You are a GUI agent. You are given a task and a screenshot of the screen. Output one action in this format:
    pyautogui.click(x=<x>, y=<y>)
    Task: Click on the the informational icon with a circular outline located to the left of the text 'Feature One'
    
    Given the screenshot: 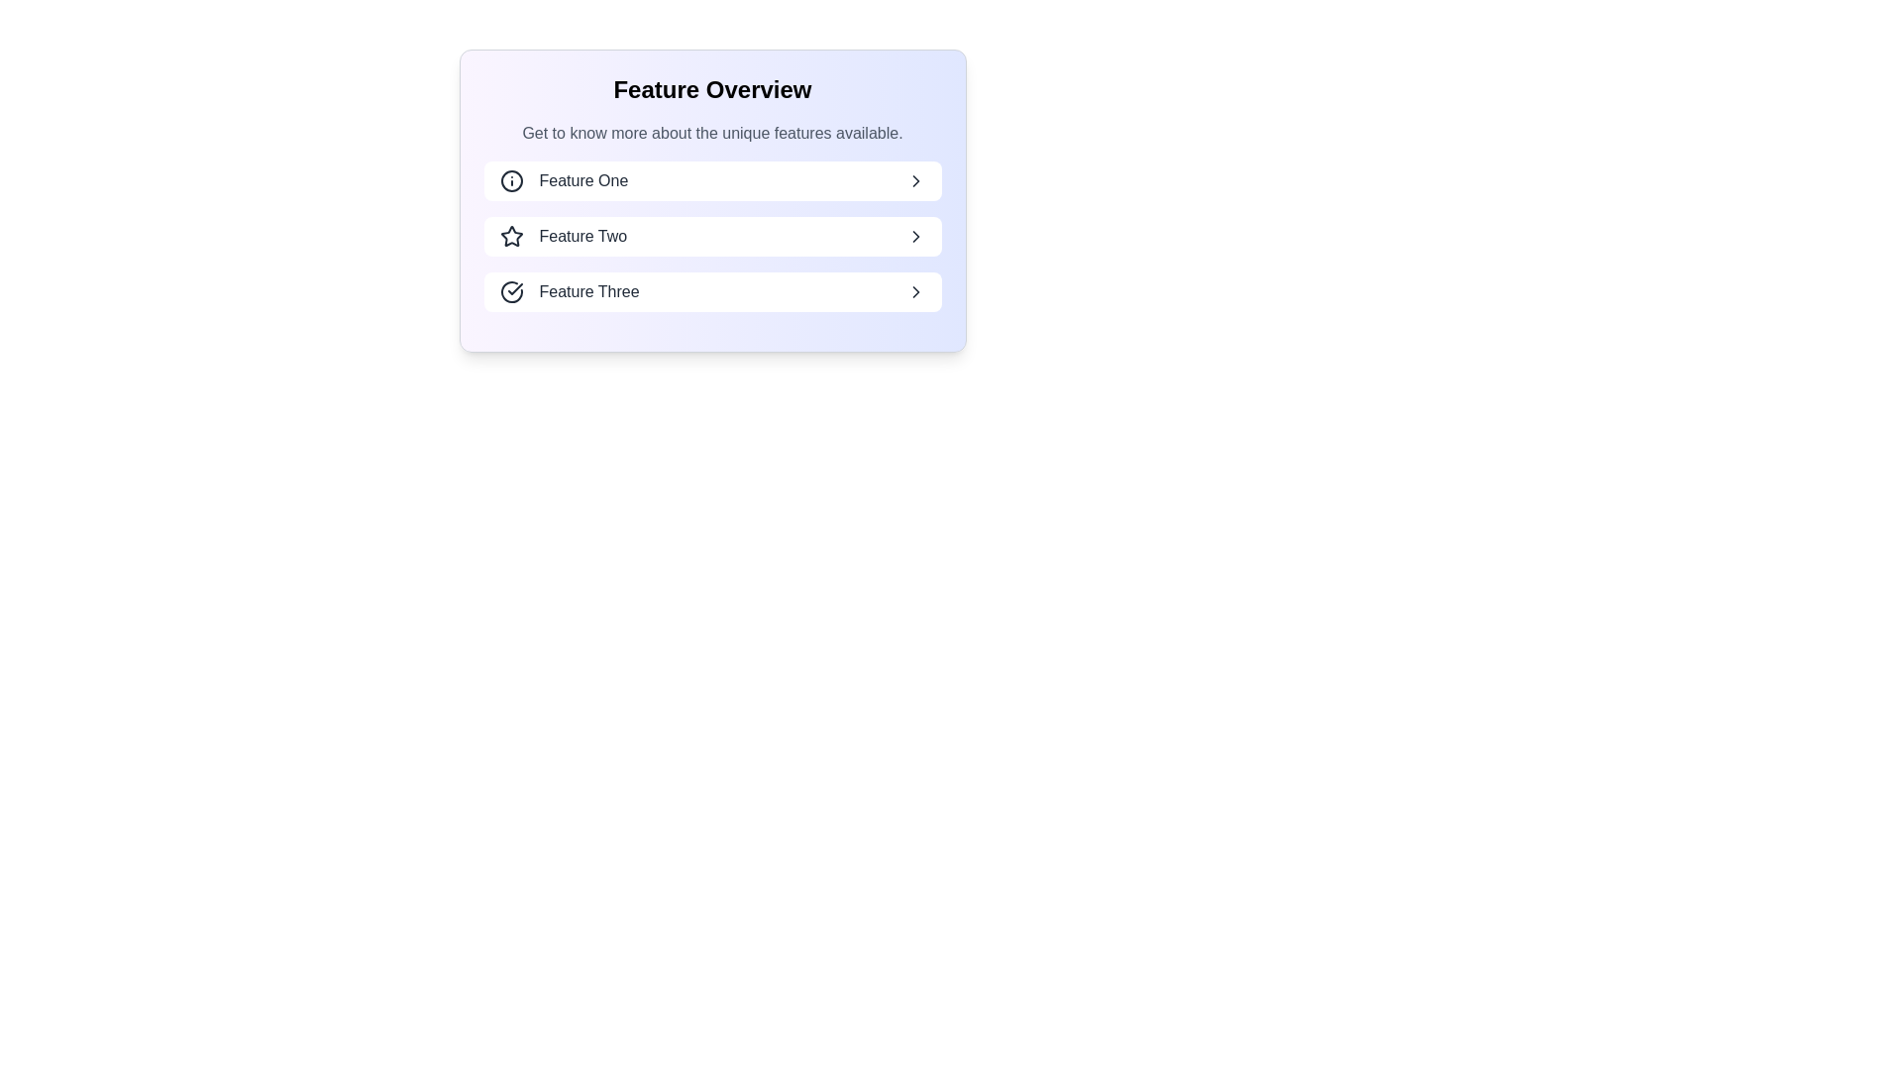 What is the action you would take?
    pyautogui.click(x=511, y=180)
    